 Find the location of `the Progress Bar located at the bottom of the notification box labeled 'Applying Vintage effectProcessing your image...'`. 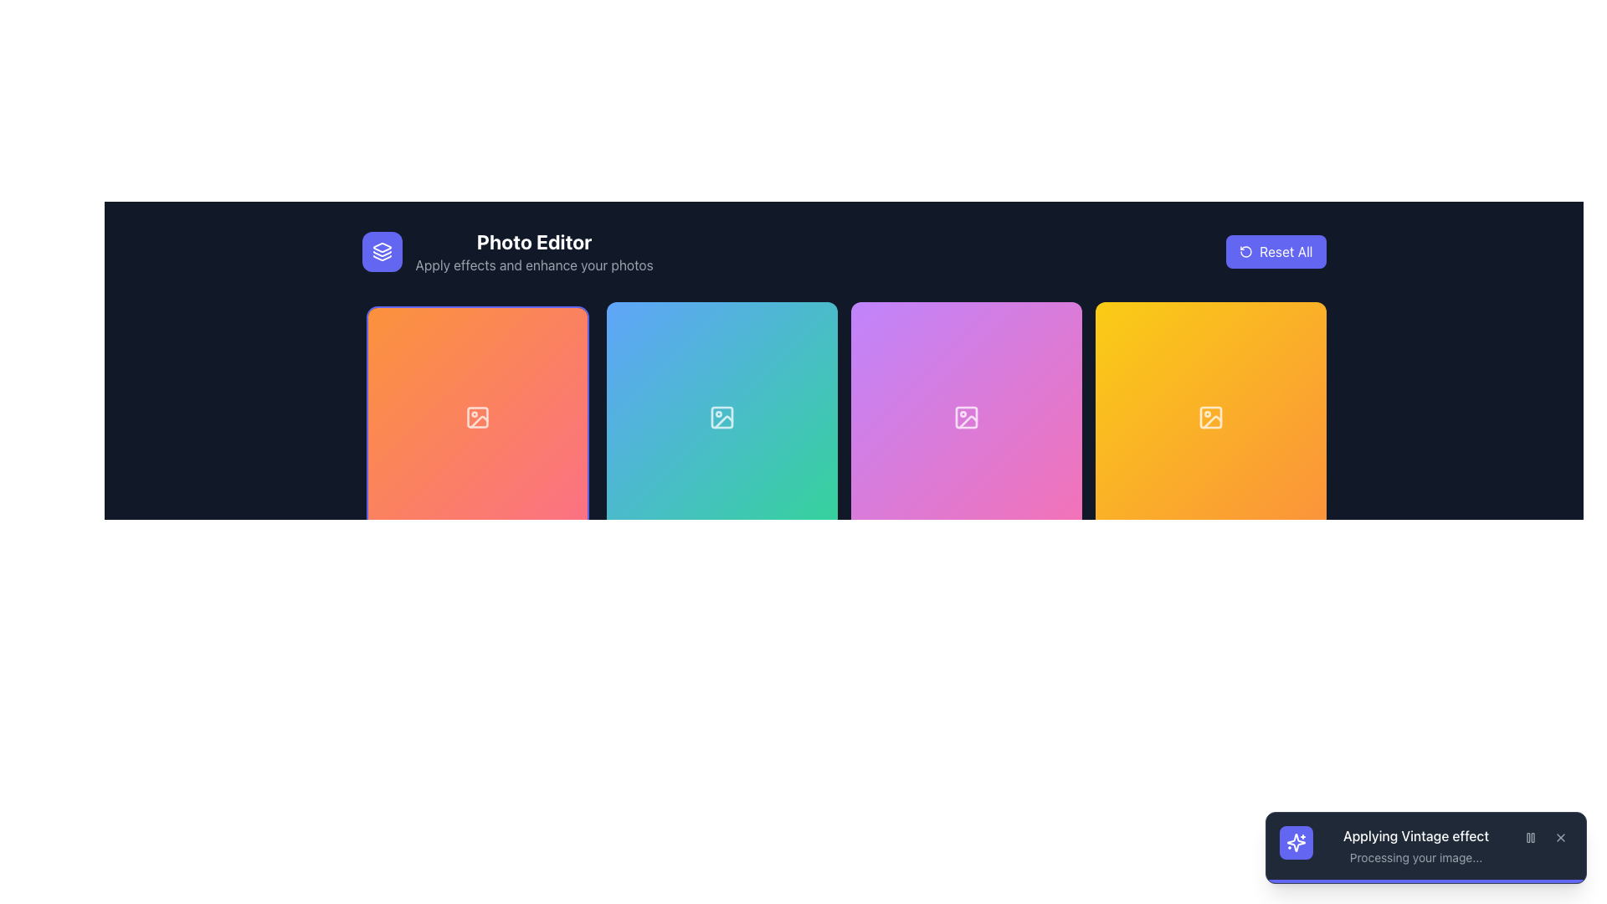

the Progress Bar located at the bottom of the notification box labeled 'Applying Vintage effectProcessing your image...' is located at coordinates (1425, 881).